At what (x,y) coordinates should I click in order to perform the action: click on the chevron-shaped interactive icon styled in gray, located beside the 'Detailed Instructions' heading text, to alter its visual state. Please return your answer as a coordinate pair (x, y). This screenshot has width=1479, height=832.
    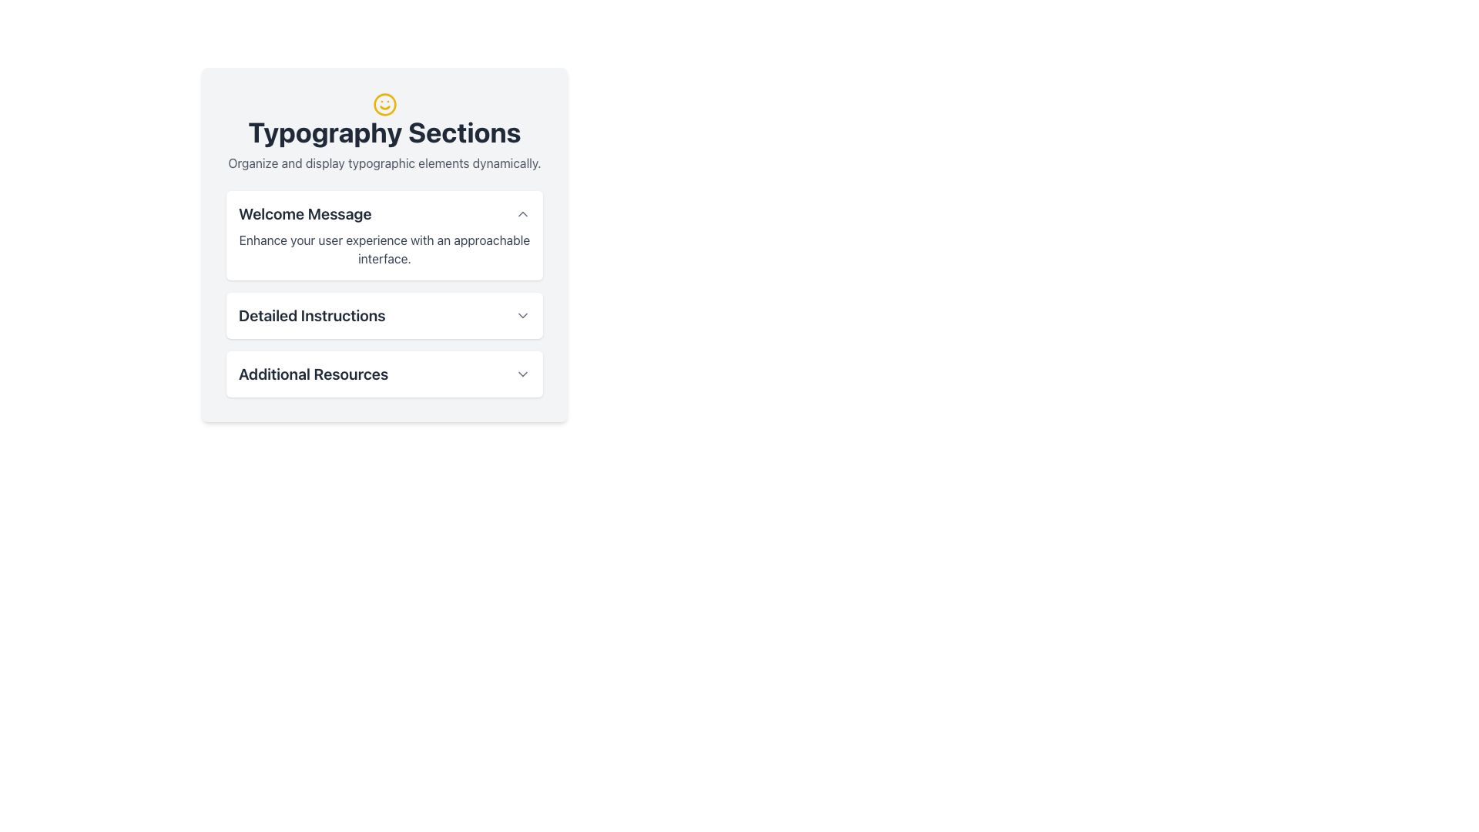
    Looking at the image, I should click on (522, 314).